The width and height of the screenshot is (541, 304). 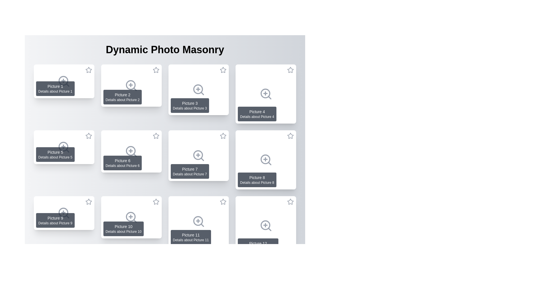 What do you see at coordinates (191, 240) in the screenshot?
I see `the text label displaying 'Details about Picture 11' located at the bottom section of the card labeled 'Picture 11'` at bounding box center [191, 240].